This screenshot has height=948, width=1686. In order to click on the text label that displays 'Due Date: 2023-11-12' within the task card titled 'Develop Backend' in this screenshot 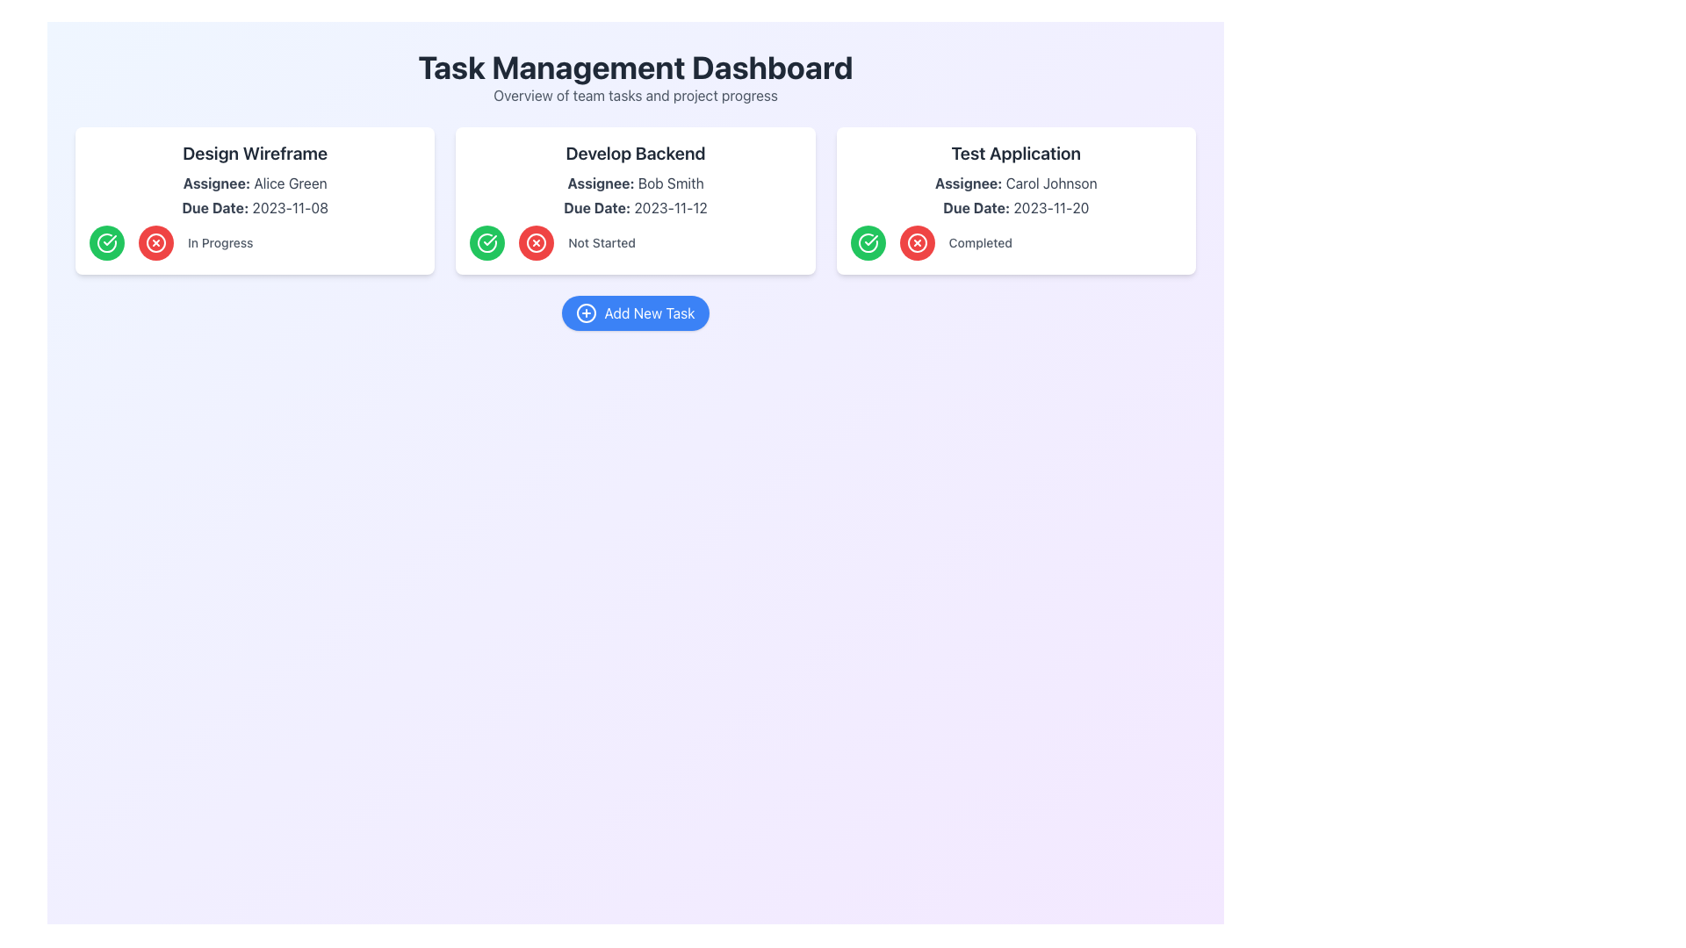, I will do `click(635, 206)`.